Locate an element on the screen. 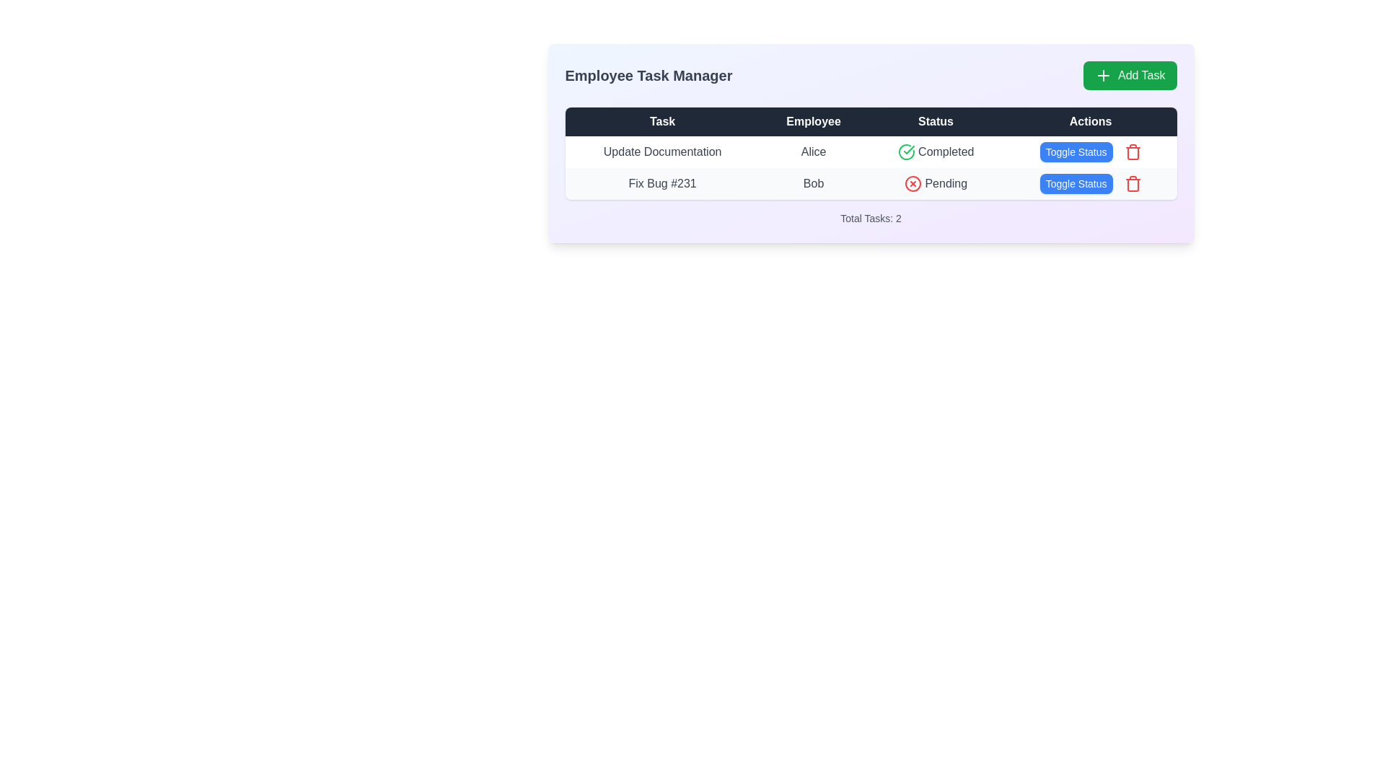 The image size is (1385, 779). the toggle button for the 'Update Documentation' task located in the 'Actions' column is located at coordinates (1091, 152).